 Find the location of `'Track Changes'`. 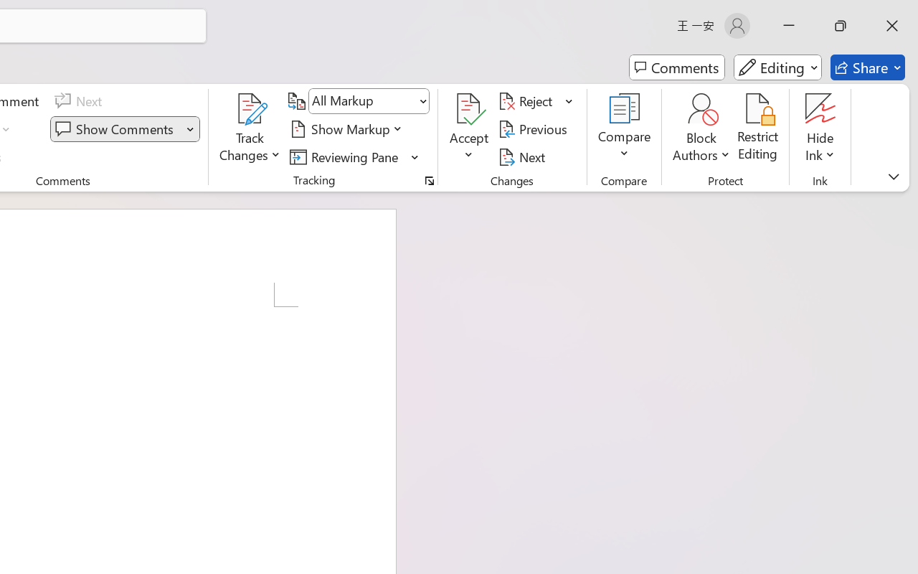

'Track Changes' is located at coordinates (250, 108).